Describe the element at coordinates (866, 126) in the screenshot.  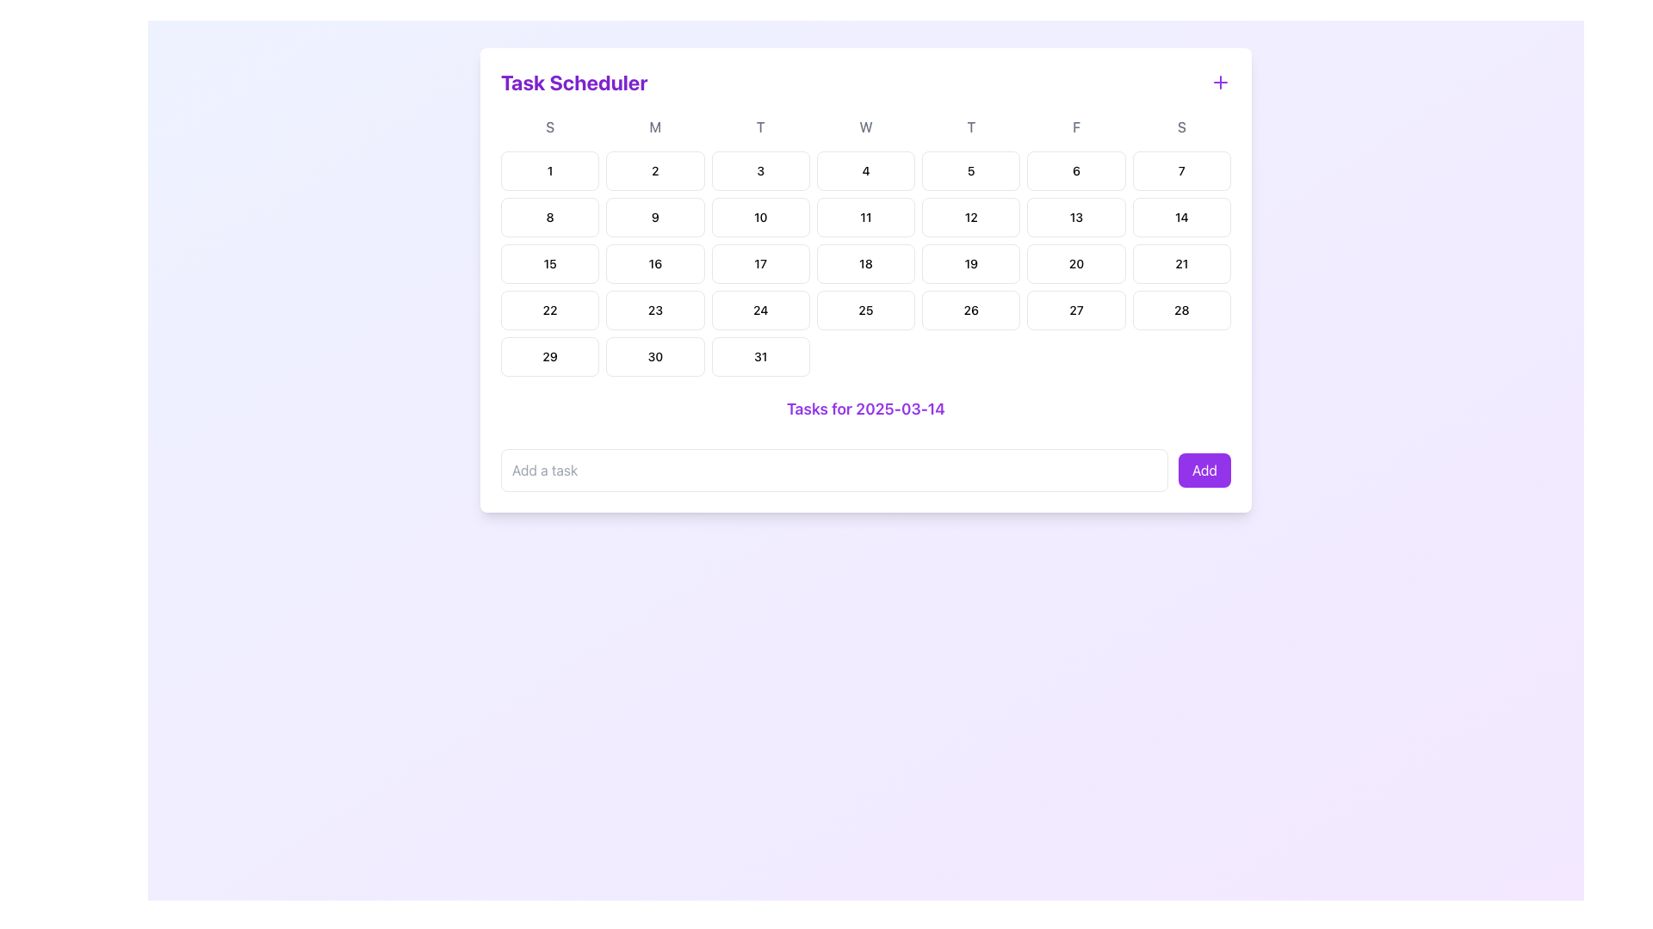
I see `the Header row in the calendar grid layout, which provides day labels for the corresponding columns of the calendar below` at that location.